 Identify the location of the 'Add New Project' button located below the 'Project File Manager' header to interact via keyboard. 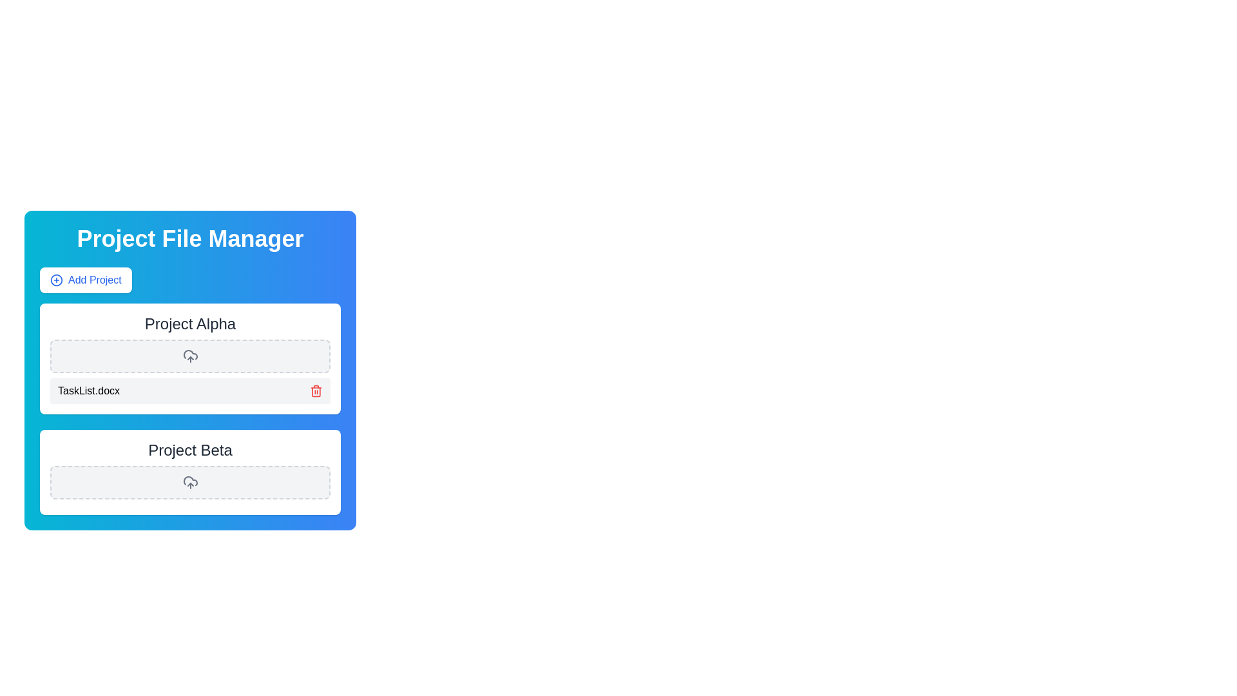
(85, 280).